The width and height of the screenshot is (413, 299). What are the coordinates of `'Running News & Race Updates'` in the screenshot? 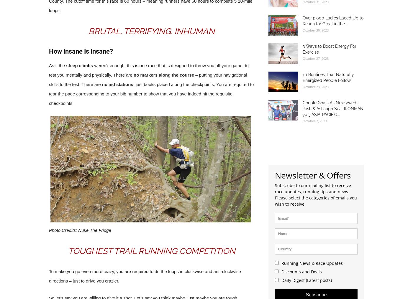 It's located at (280, 262).